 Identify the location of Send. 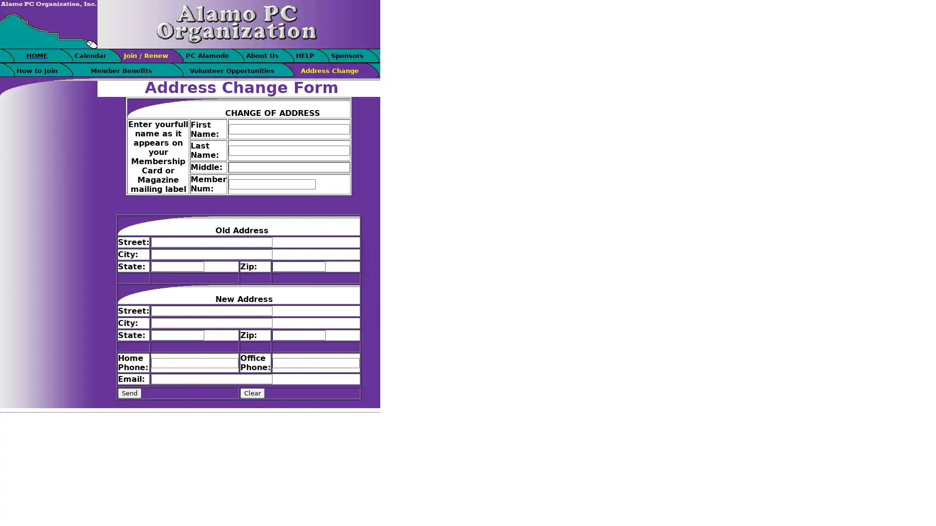
(129, 393).